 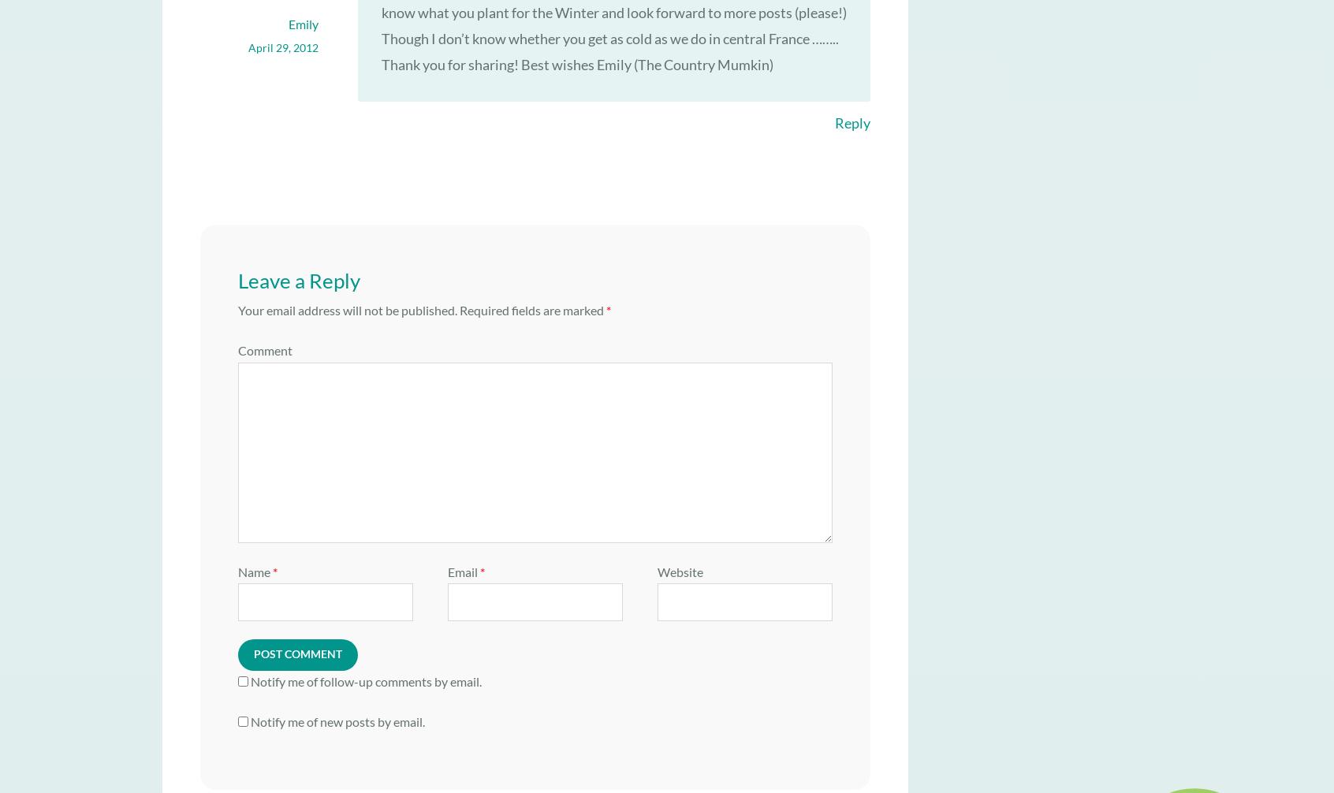 I want to click on 'Required fields are marked', so click(x=531, y=309).